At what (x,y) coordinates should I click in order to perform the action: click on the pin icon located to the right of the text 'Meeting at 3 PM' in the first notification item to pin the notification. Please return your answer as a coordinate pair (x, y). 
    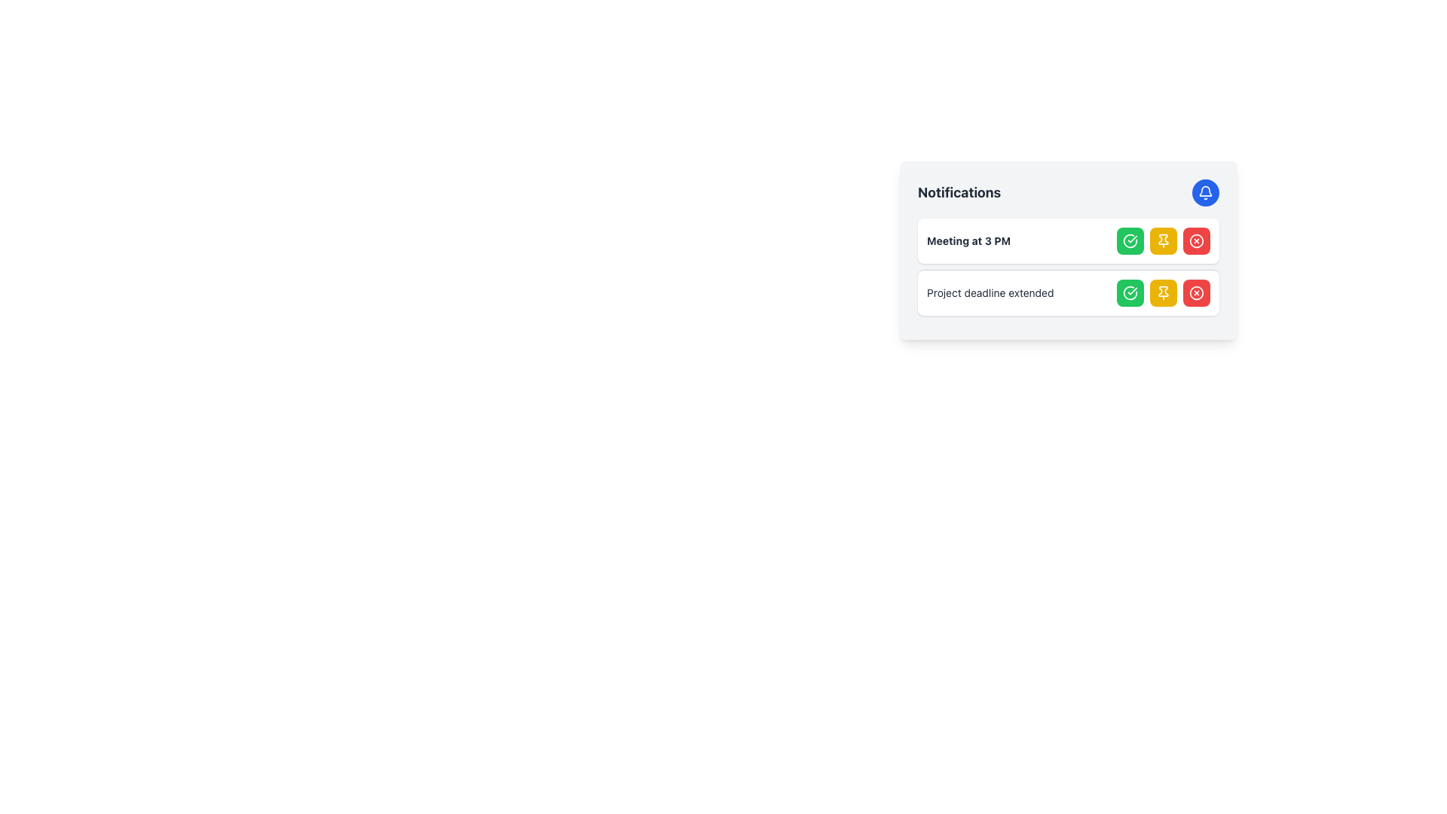
    Looking at the image, I should click on (1163, 237).